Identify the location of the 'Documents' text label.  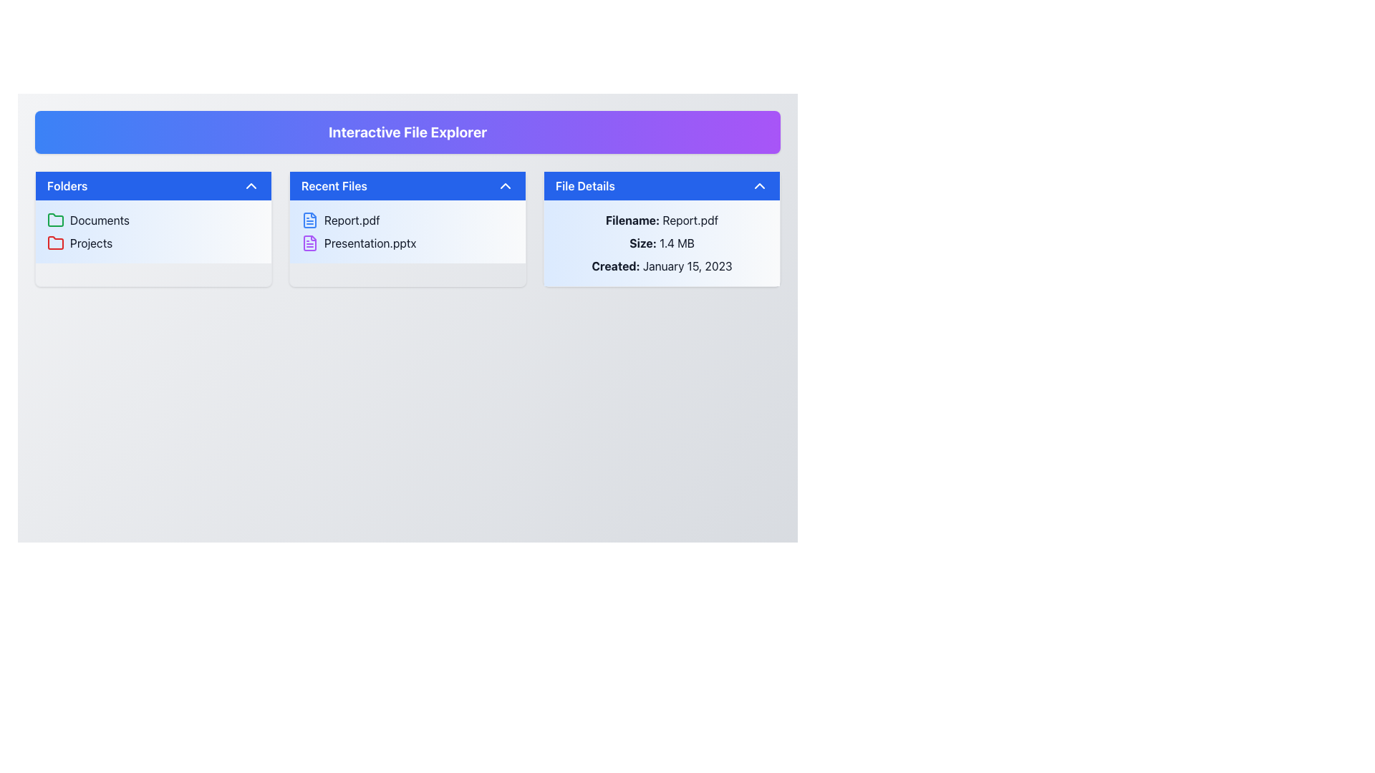
(99, 220).